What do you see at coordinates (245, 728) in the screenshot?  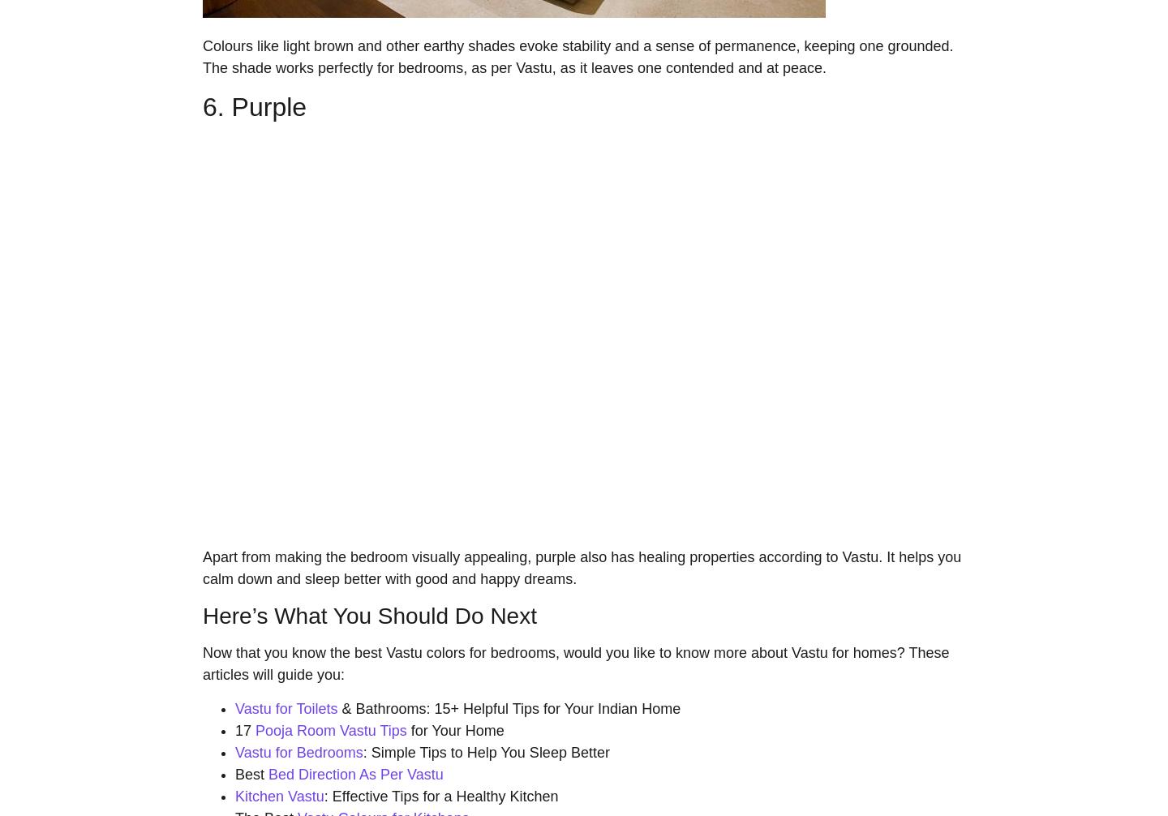 I see `'17'` at bounding box center [245, 728].